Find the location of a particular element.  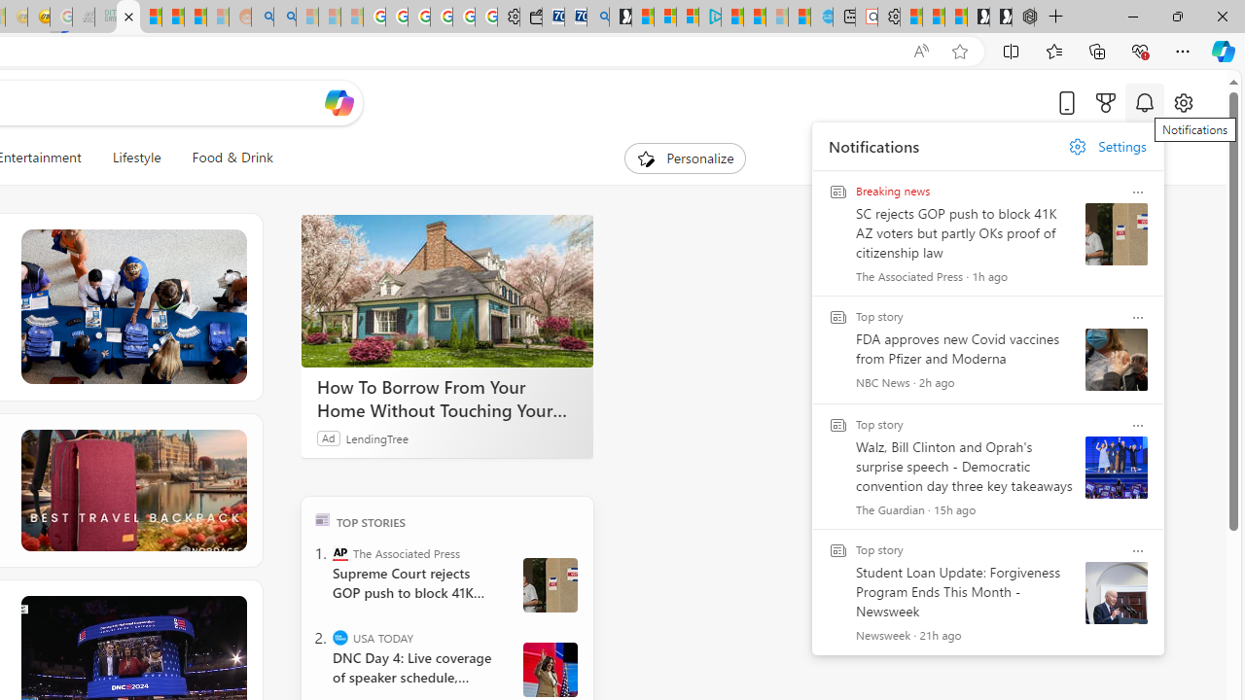

'Wallet' is located at coordinates (530, 17).